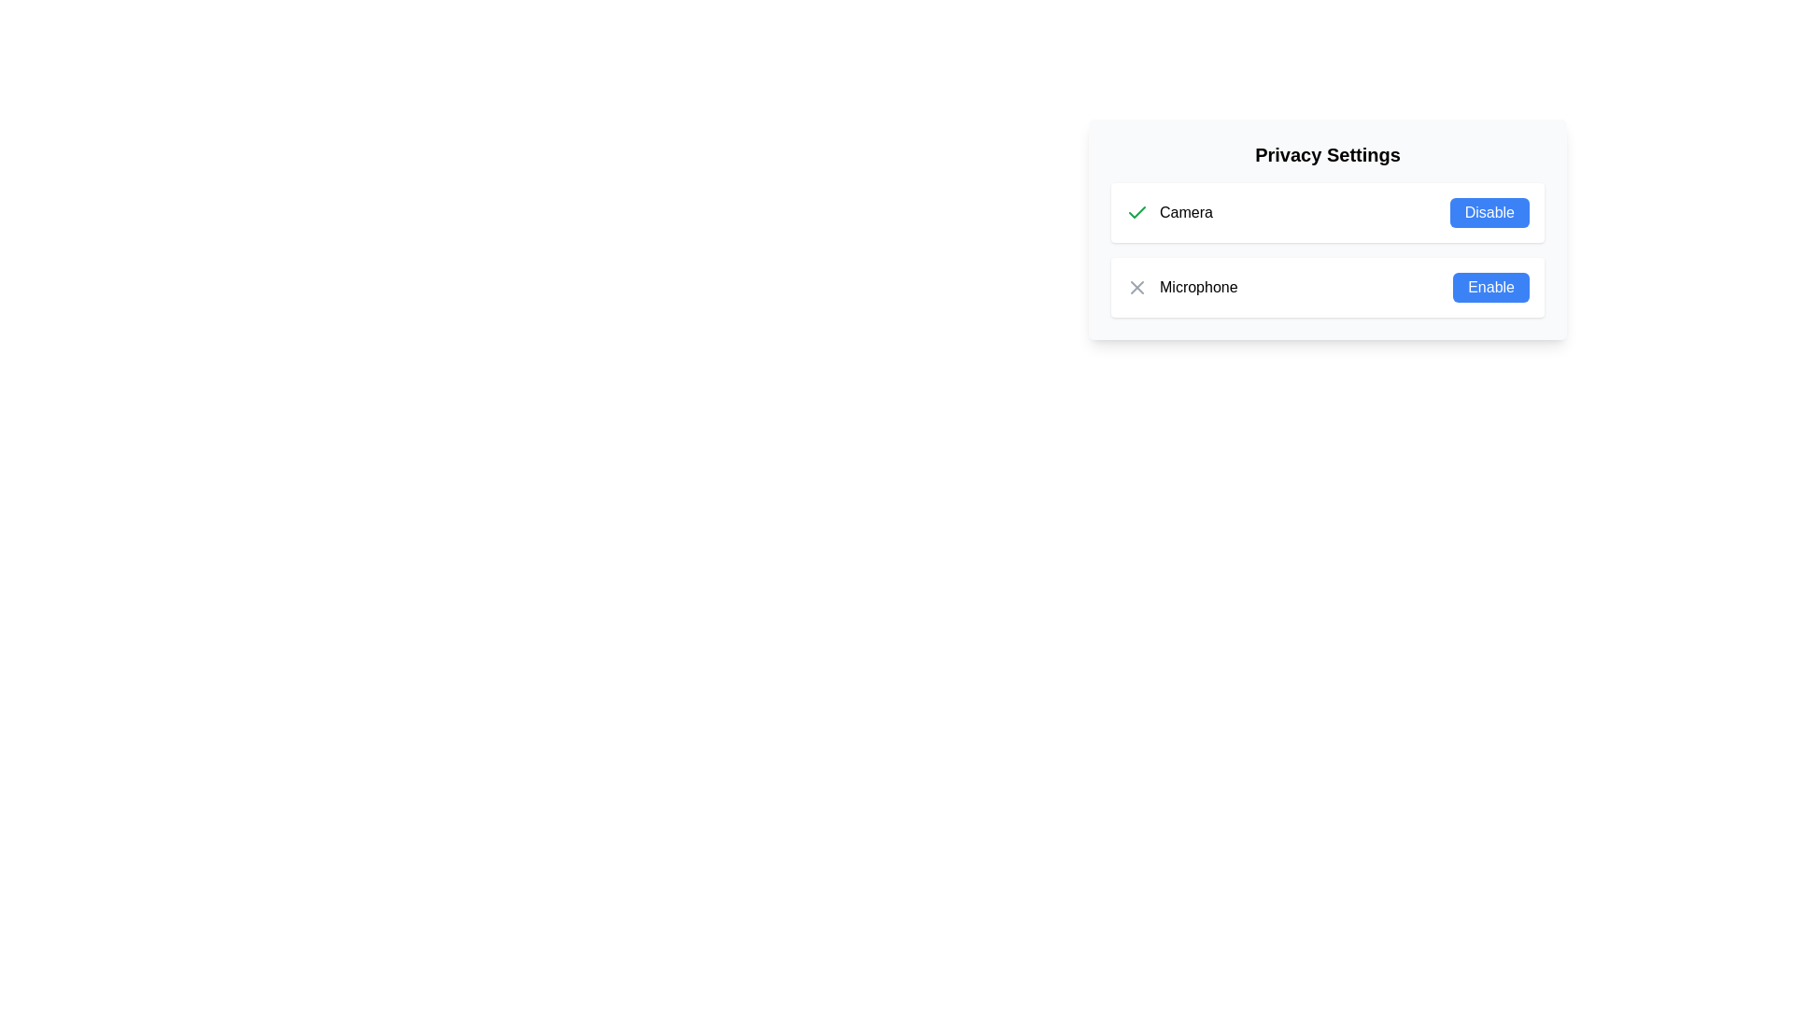 Image resolution: width=1793 pixels, height=1009 pixels. I want to click on the active 'Camera' indicator icon located to the left of the 'Camera' label in the privacy settings, so click(1137, 211).